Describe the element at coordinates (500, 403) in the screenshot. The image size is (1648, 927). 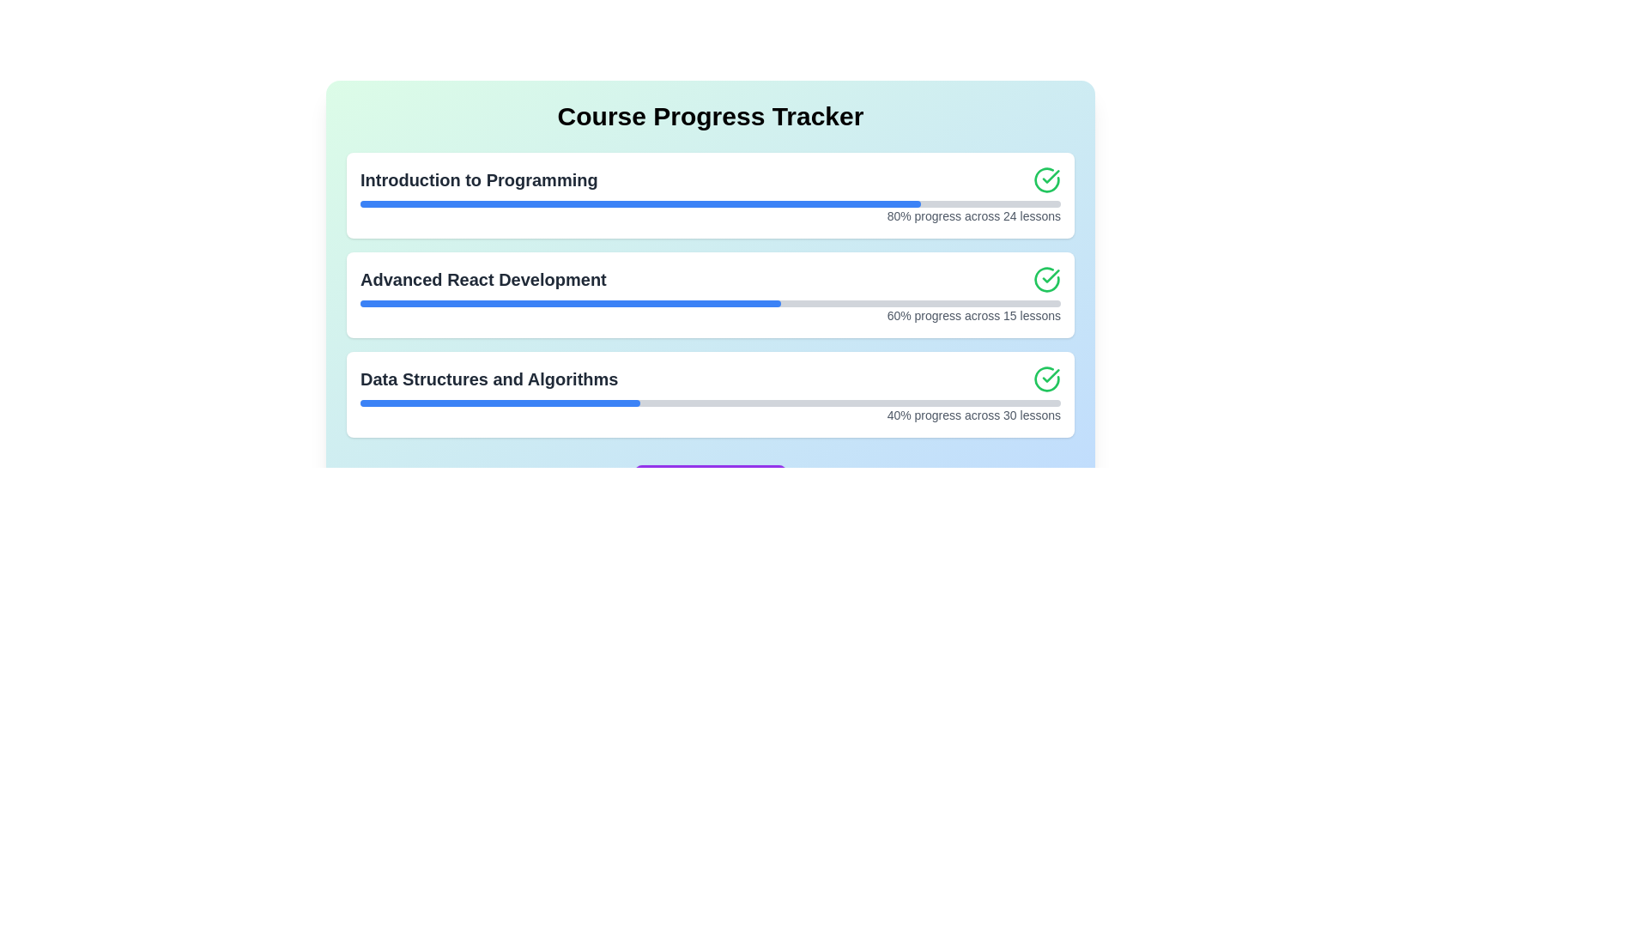
I see `the filled section of the horizontal progress bar indicating 40% progress under the 'Data Structures and Algorithms' section` at that location.